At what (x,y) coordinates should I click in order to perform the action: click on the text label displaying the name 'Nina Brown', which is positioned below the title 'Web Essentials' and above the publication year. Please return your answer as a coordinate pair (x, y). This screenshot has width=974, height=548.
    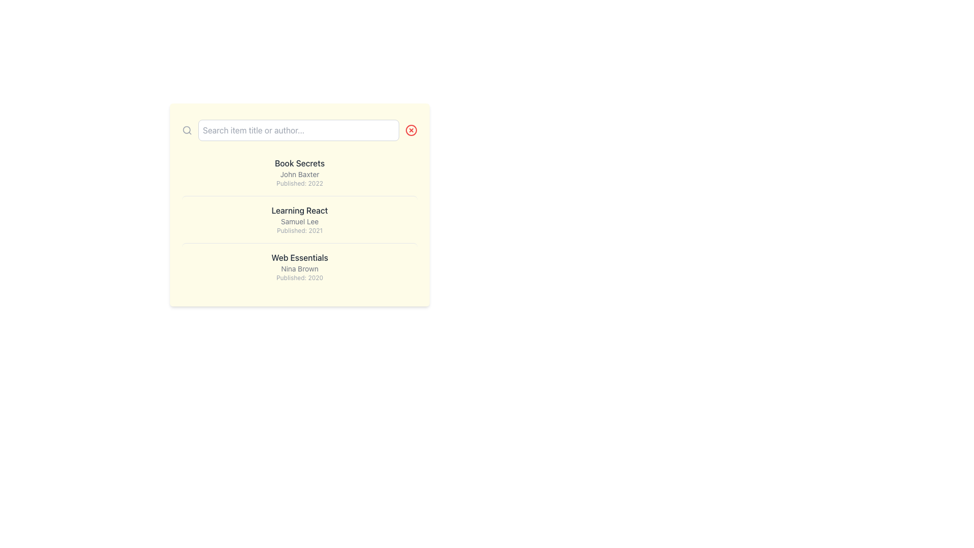
    Looking at the image, I should click on (299, 268).